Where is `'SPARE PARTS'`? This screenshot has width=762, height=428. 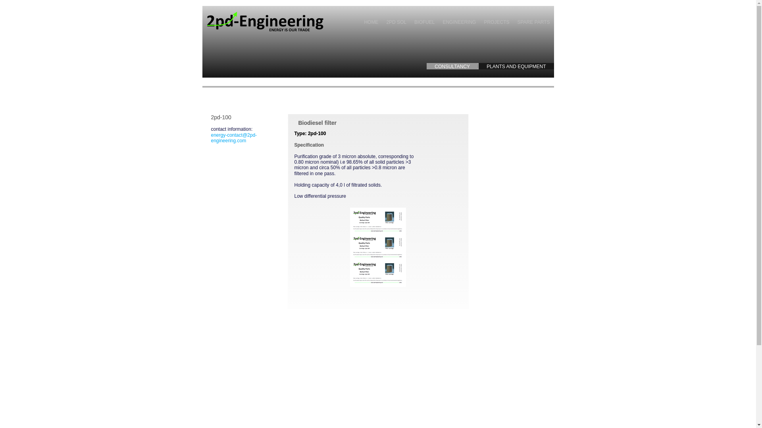 'SPARE PARTS' is located at coordinates (533, 22).